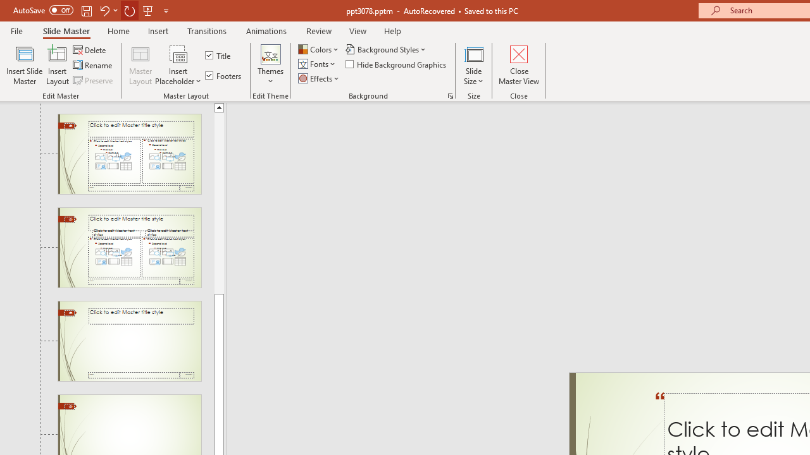 This screenshot has height=455, width=810. I want to click on 'Slide Size', so click(473, 65).